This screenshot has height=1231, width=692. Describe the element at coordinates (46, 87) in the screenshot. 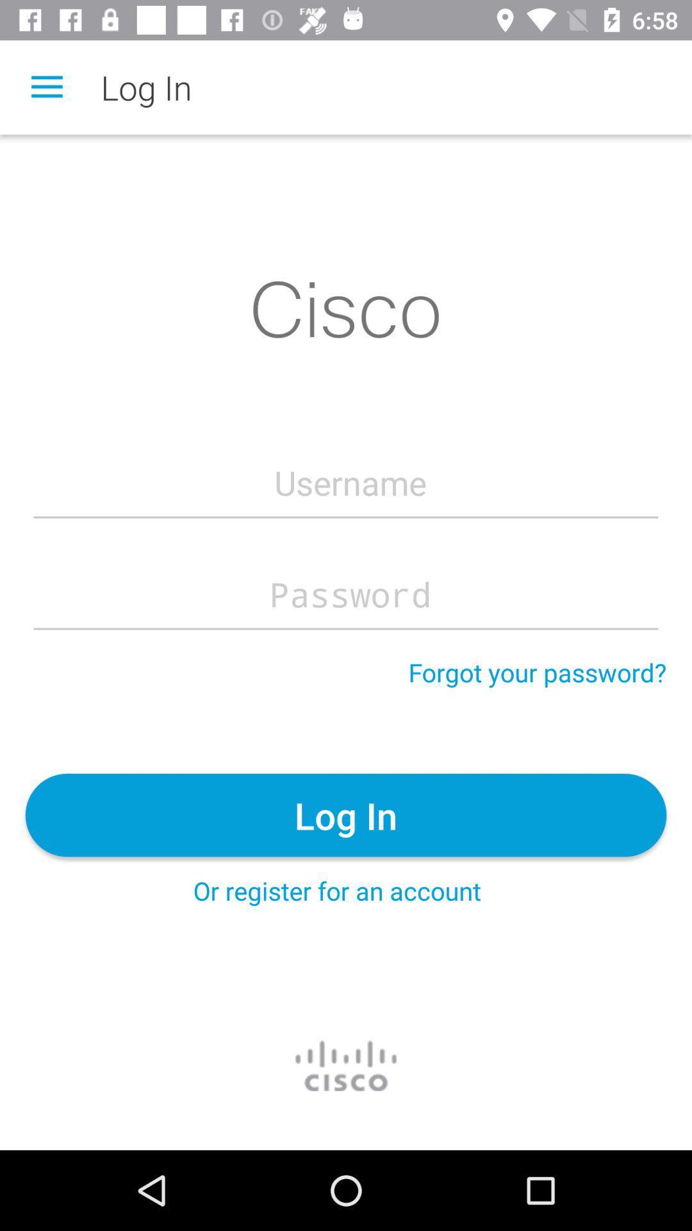

I see `the icon next to the log in app` at that location.